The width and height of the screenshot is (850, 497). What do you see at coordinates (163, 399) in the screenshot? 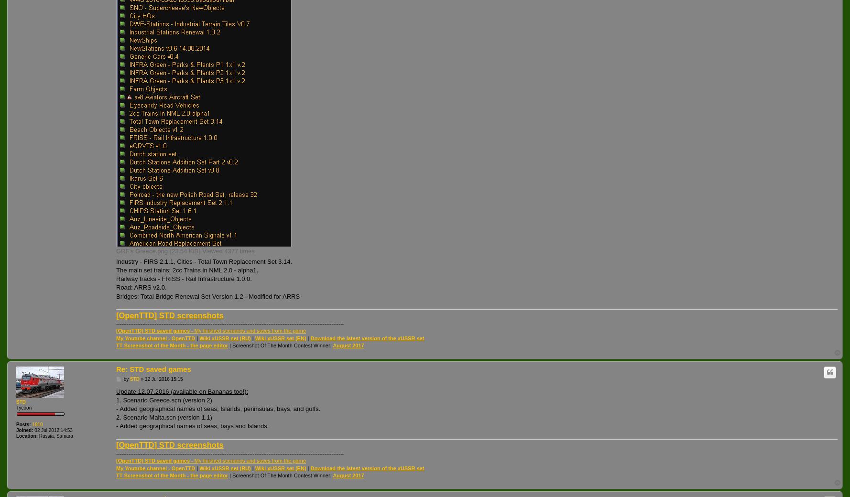
I see `'1. Scenario Greece.scn (version 2)'` at bounding box center [163, 399].